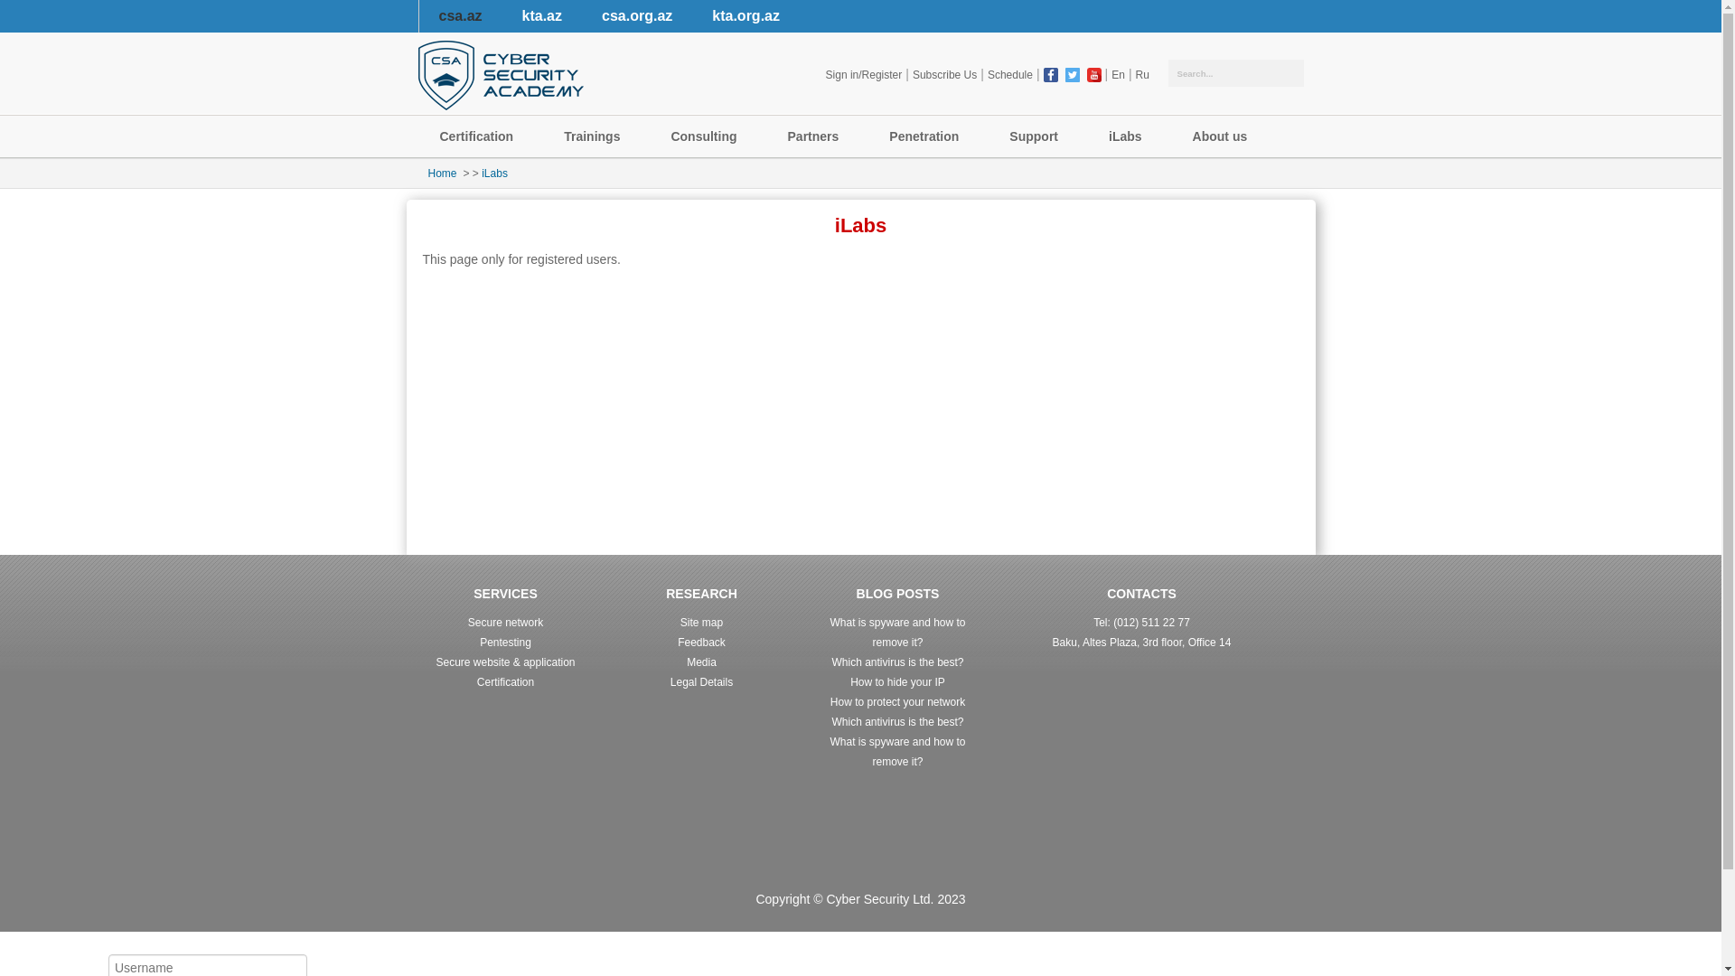  I want to click on 'Penetration', so click(867, 136).